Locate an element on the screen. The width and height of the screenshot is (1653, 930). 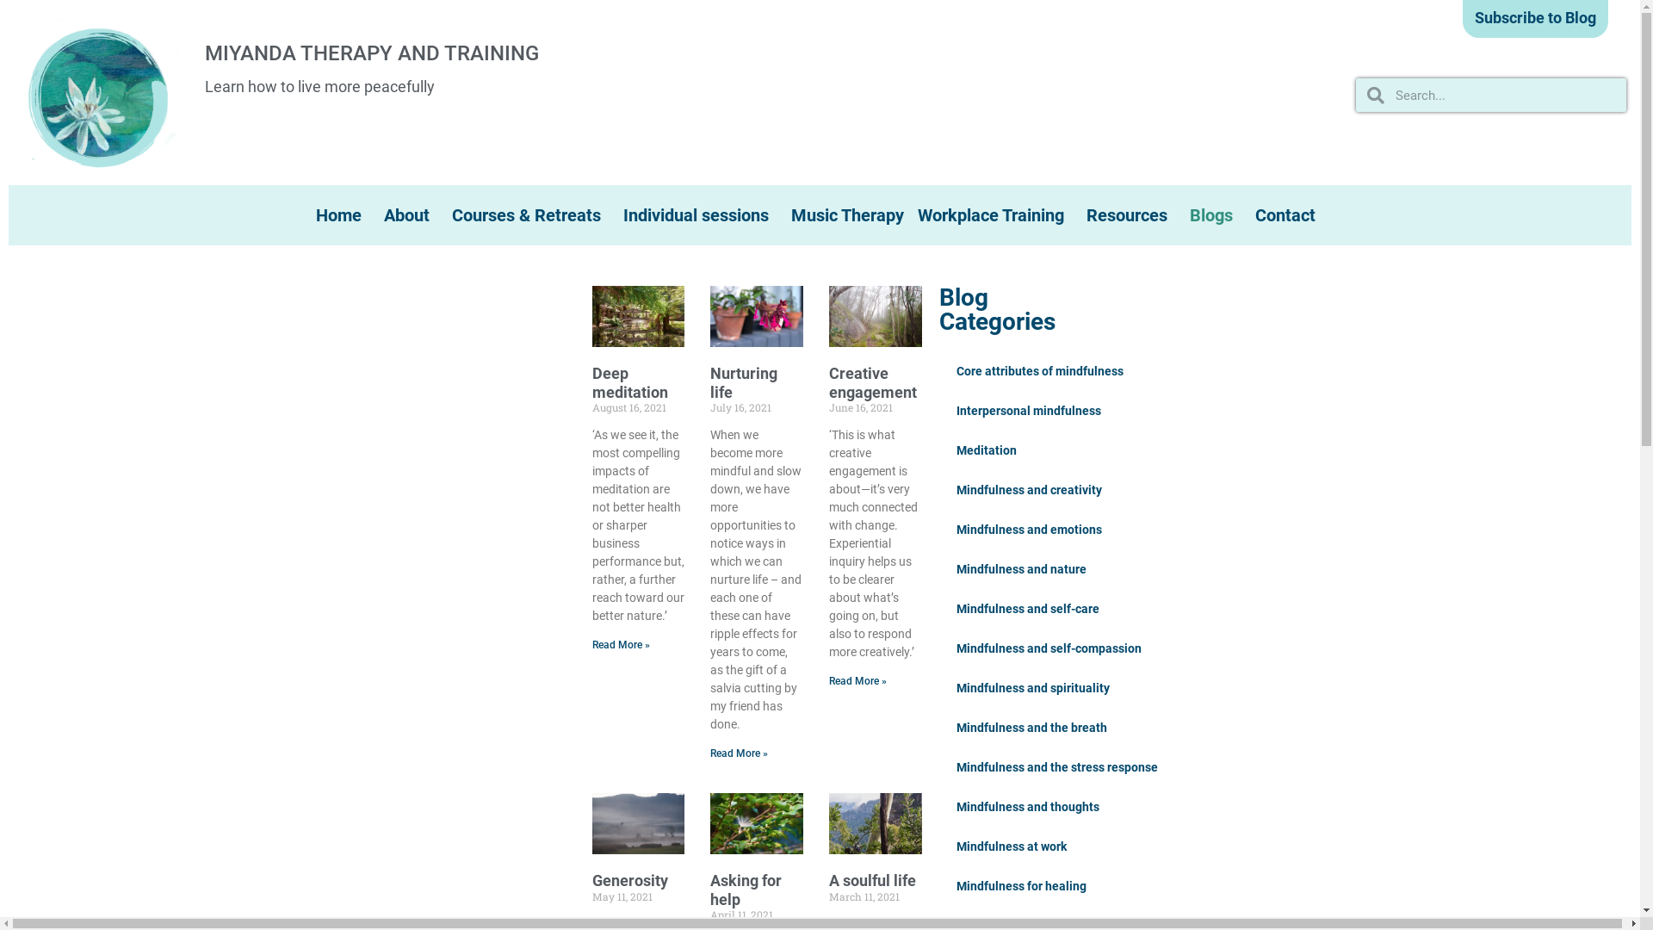
'Mindfulness and emotions' is located at coordinates (1029, 528).